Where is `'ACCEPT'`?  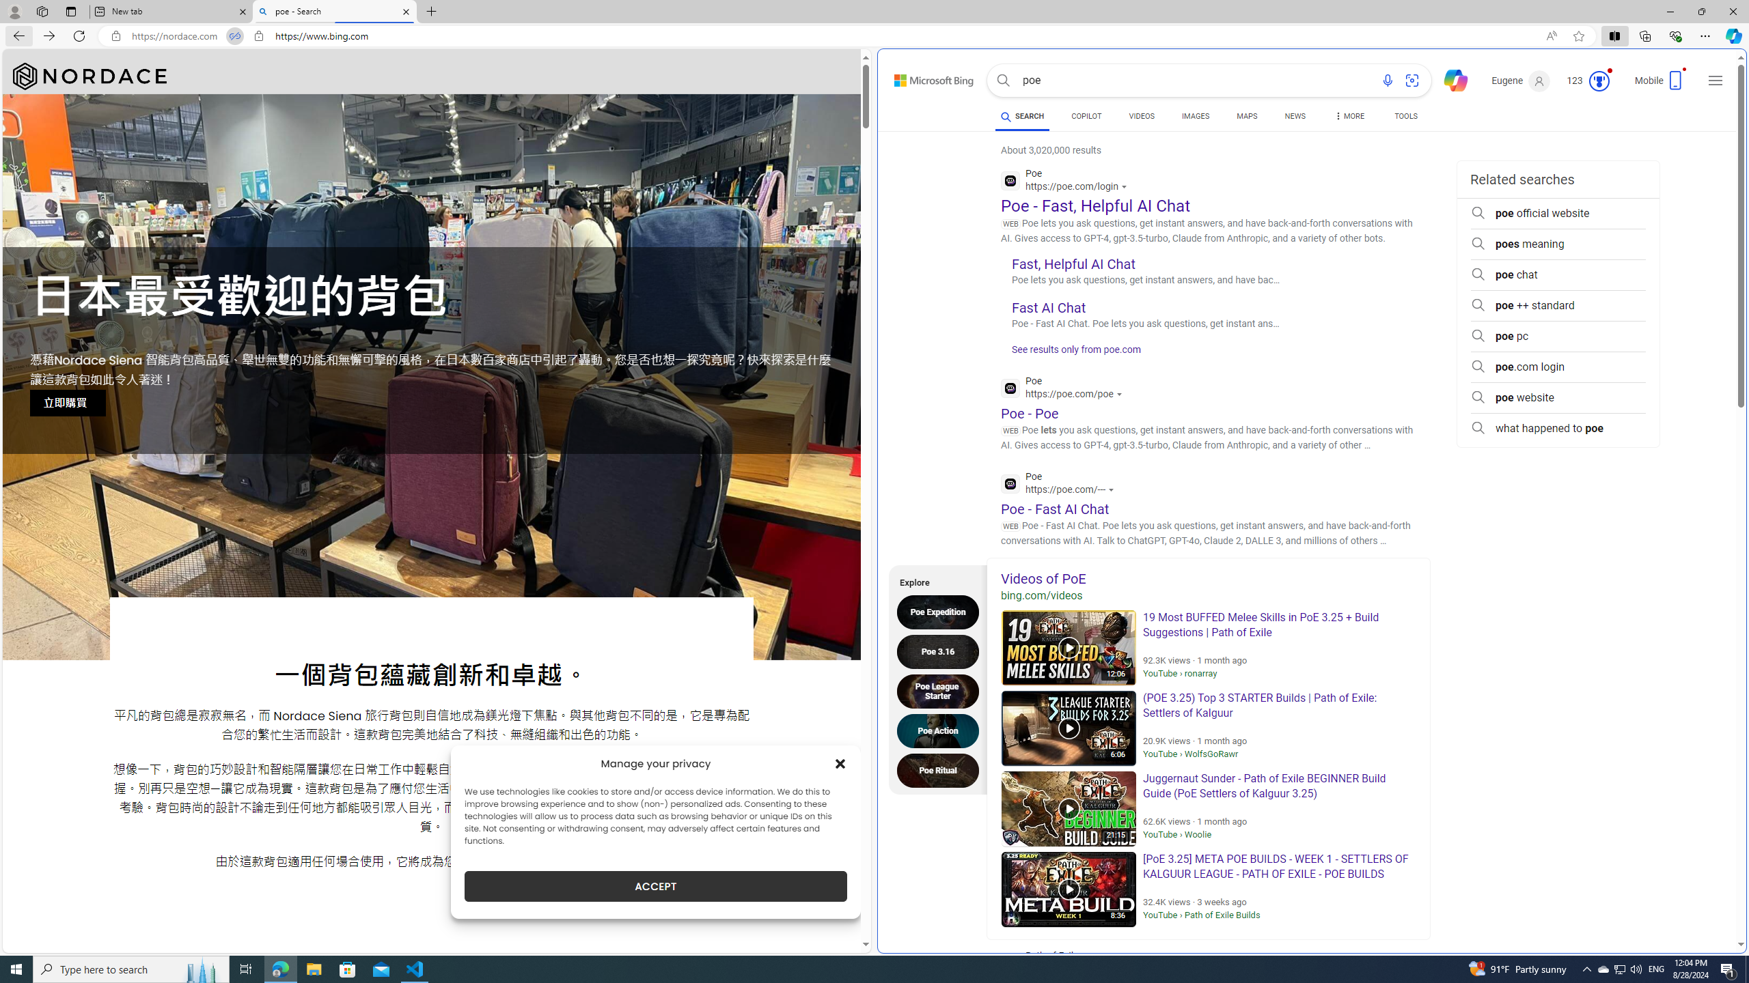 'ACCEPT' is located at coordinates (655, 886).